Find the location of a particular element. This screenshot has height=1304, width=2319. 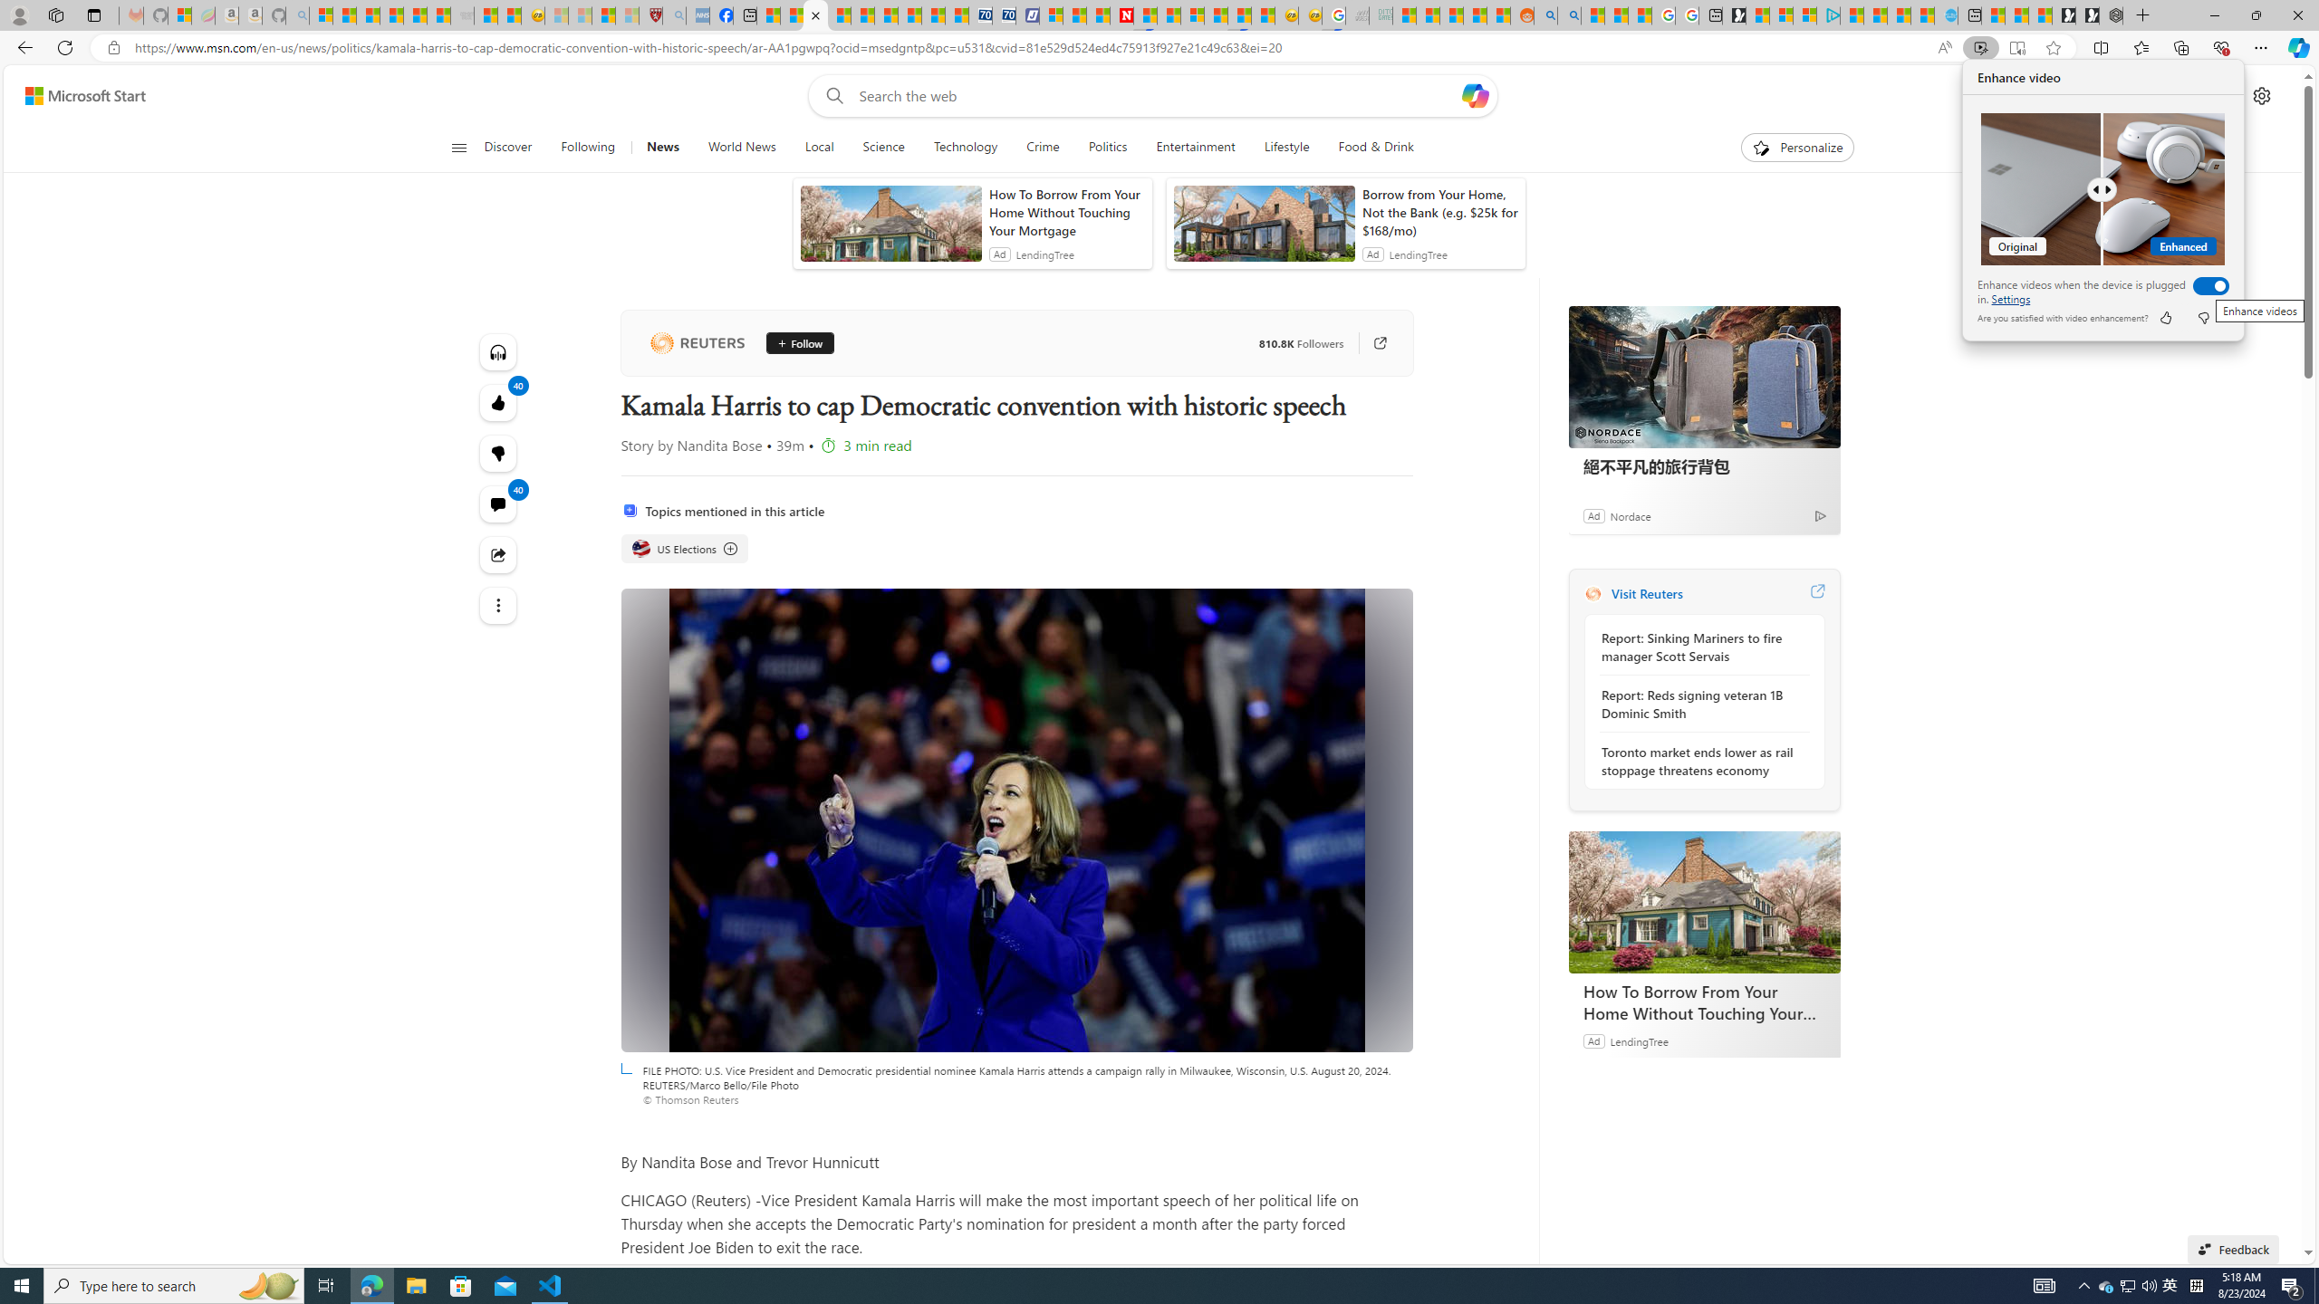

'New Tab' is located at coordinates (2142, 14).